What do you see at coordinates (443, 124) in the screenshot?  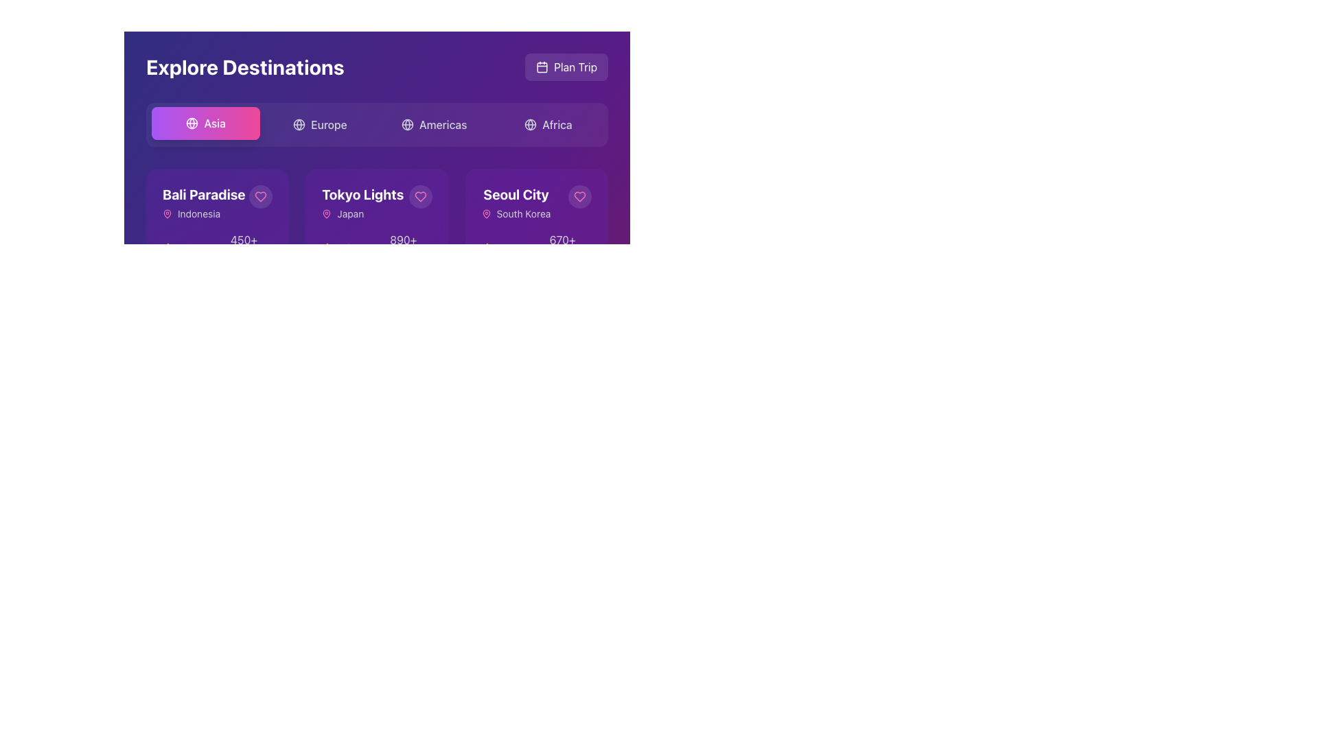 I see `the 'Americas' text label in the navigation bar` at bounding box center [443, 124].